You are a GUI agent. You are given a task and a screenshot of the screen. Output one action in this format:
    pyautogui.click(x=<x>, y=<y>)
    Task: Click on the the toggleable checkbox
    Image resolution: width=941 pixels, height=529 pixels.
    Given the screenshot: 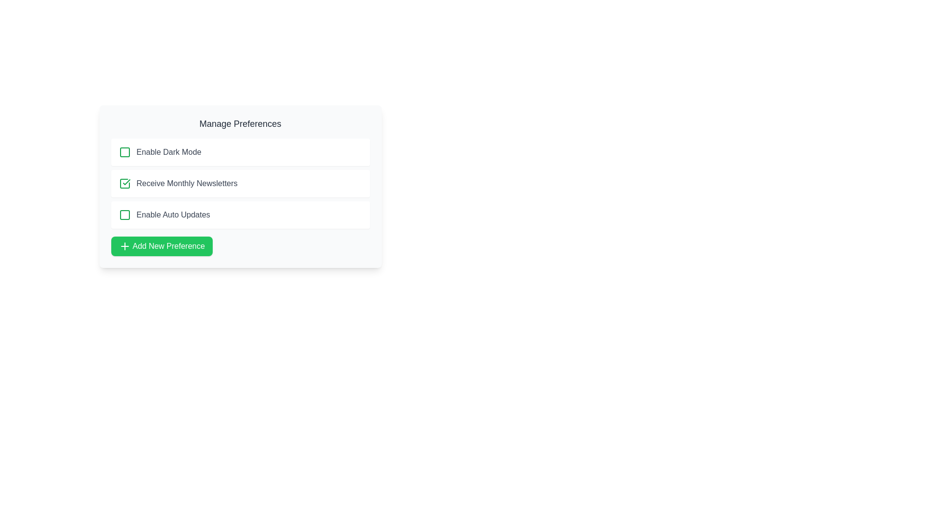 What is the action you would take?
    pyautogui.click(x=124, y=215)
    